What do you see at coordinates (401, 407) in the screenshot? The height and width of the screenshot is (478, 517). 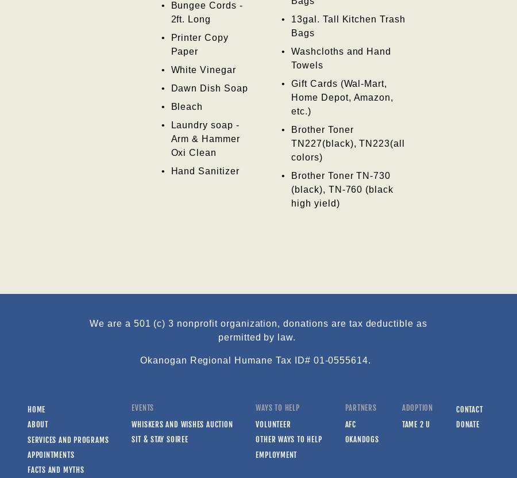 I see `'Adoption'` at bounding box center [401, 407].